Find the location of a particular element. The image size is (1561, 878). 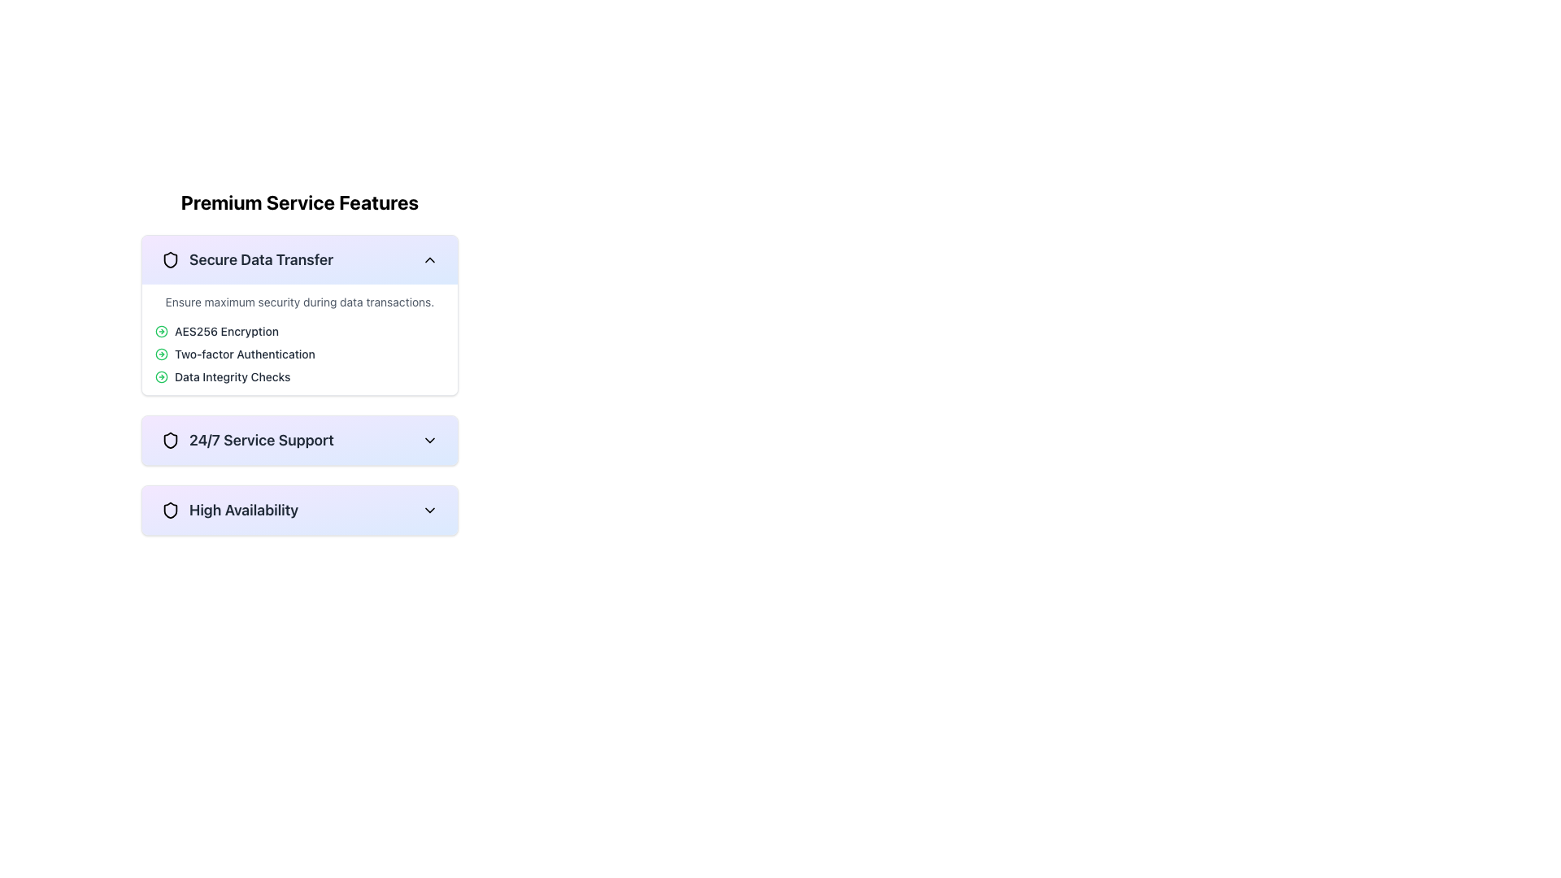

the shield-shaped icon located within the 'High Availability' section, positioned to the left of the title text is located at coordinates (171, 510).